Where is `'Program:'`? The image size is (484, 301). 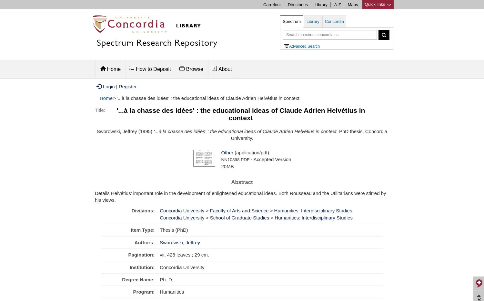
'Program:' is located at coordinates (143, 292).